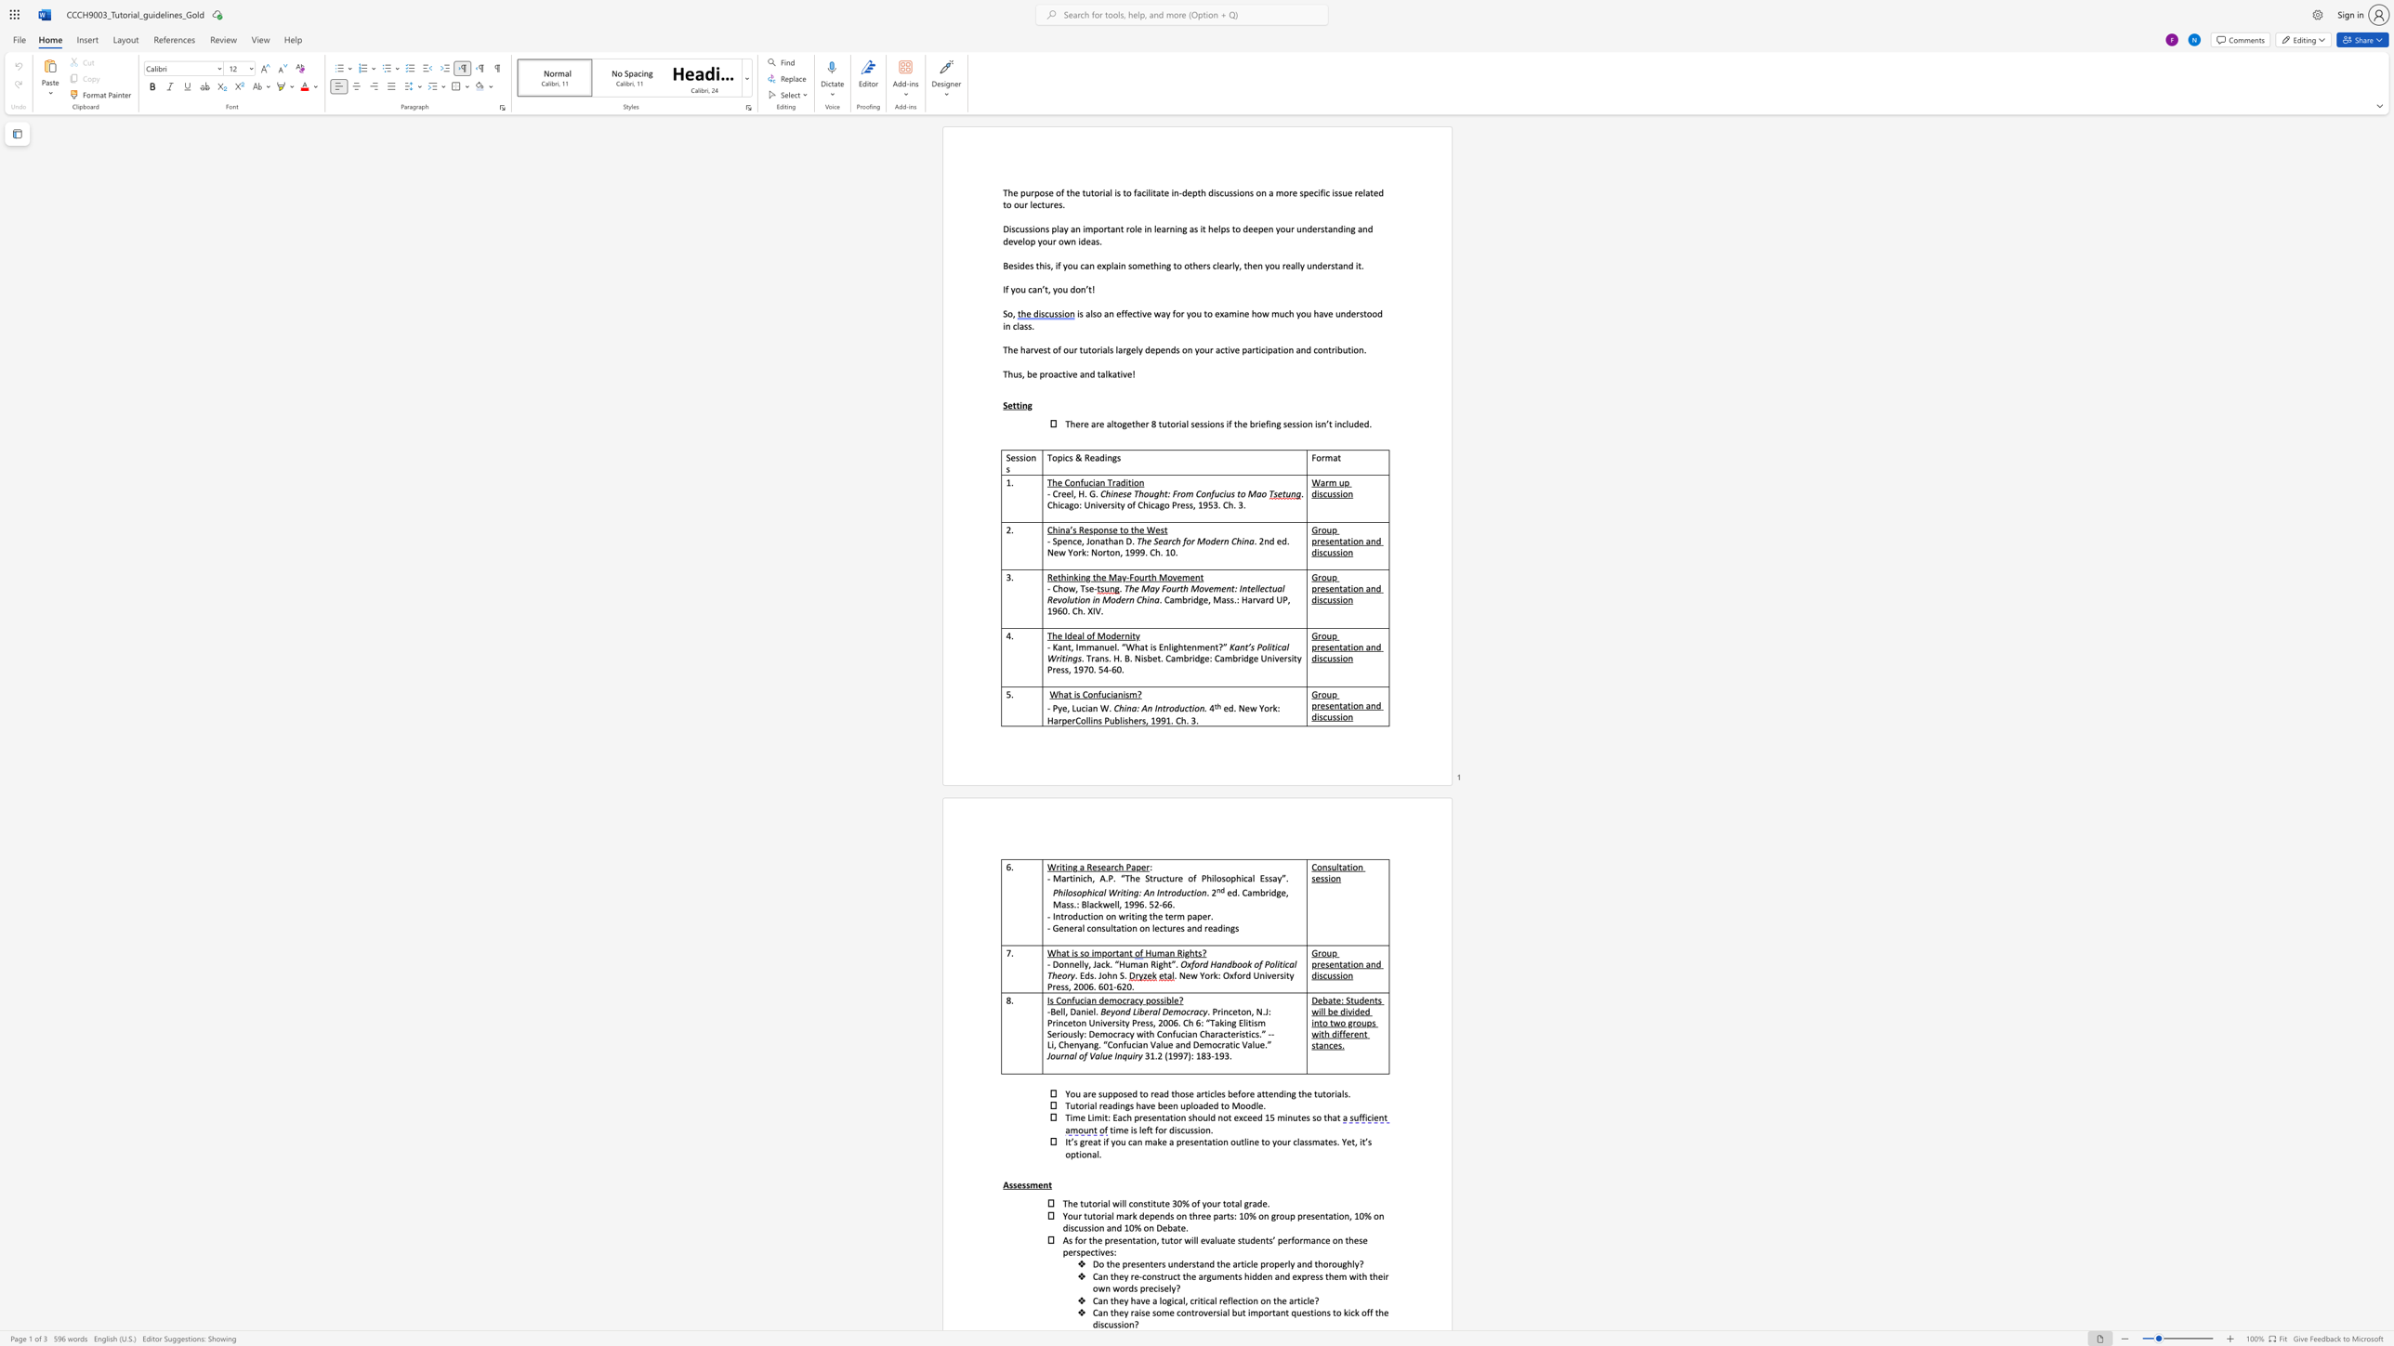 Image resolution: width=2394 pixels, height=1346 pixels. Describe the element at coordinates (1092, 916) in the screenshot. I see `the subset text "on on writing the term paper." within the text "Introduction on writing the term paper."` at that location.